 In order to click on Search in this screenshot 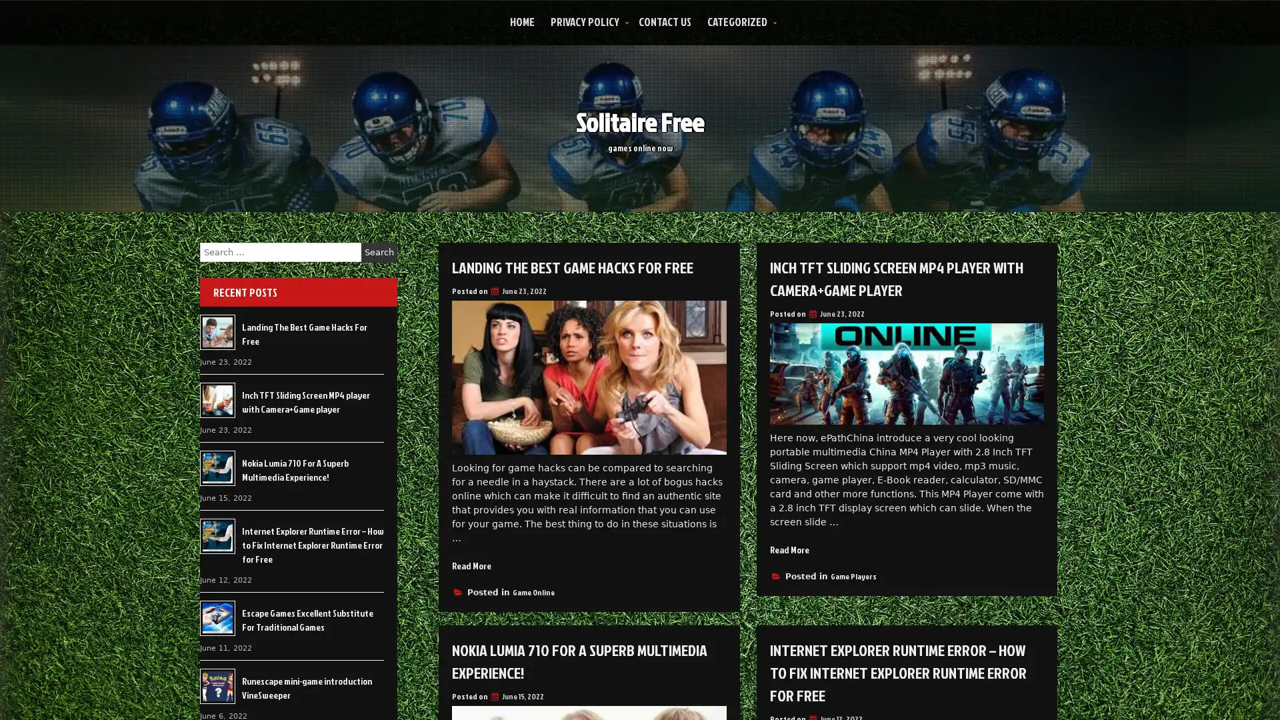, I will do `click(379, 252)`.